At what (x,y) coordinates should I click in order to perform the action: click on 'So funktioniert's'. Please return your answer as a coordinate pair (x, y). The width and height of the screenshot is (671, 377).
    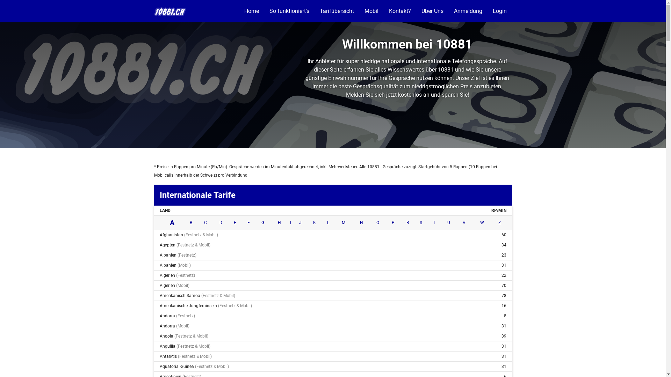
    Looking at the image, I should click on (289, 11).